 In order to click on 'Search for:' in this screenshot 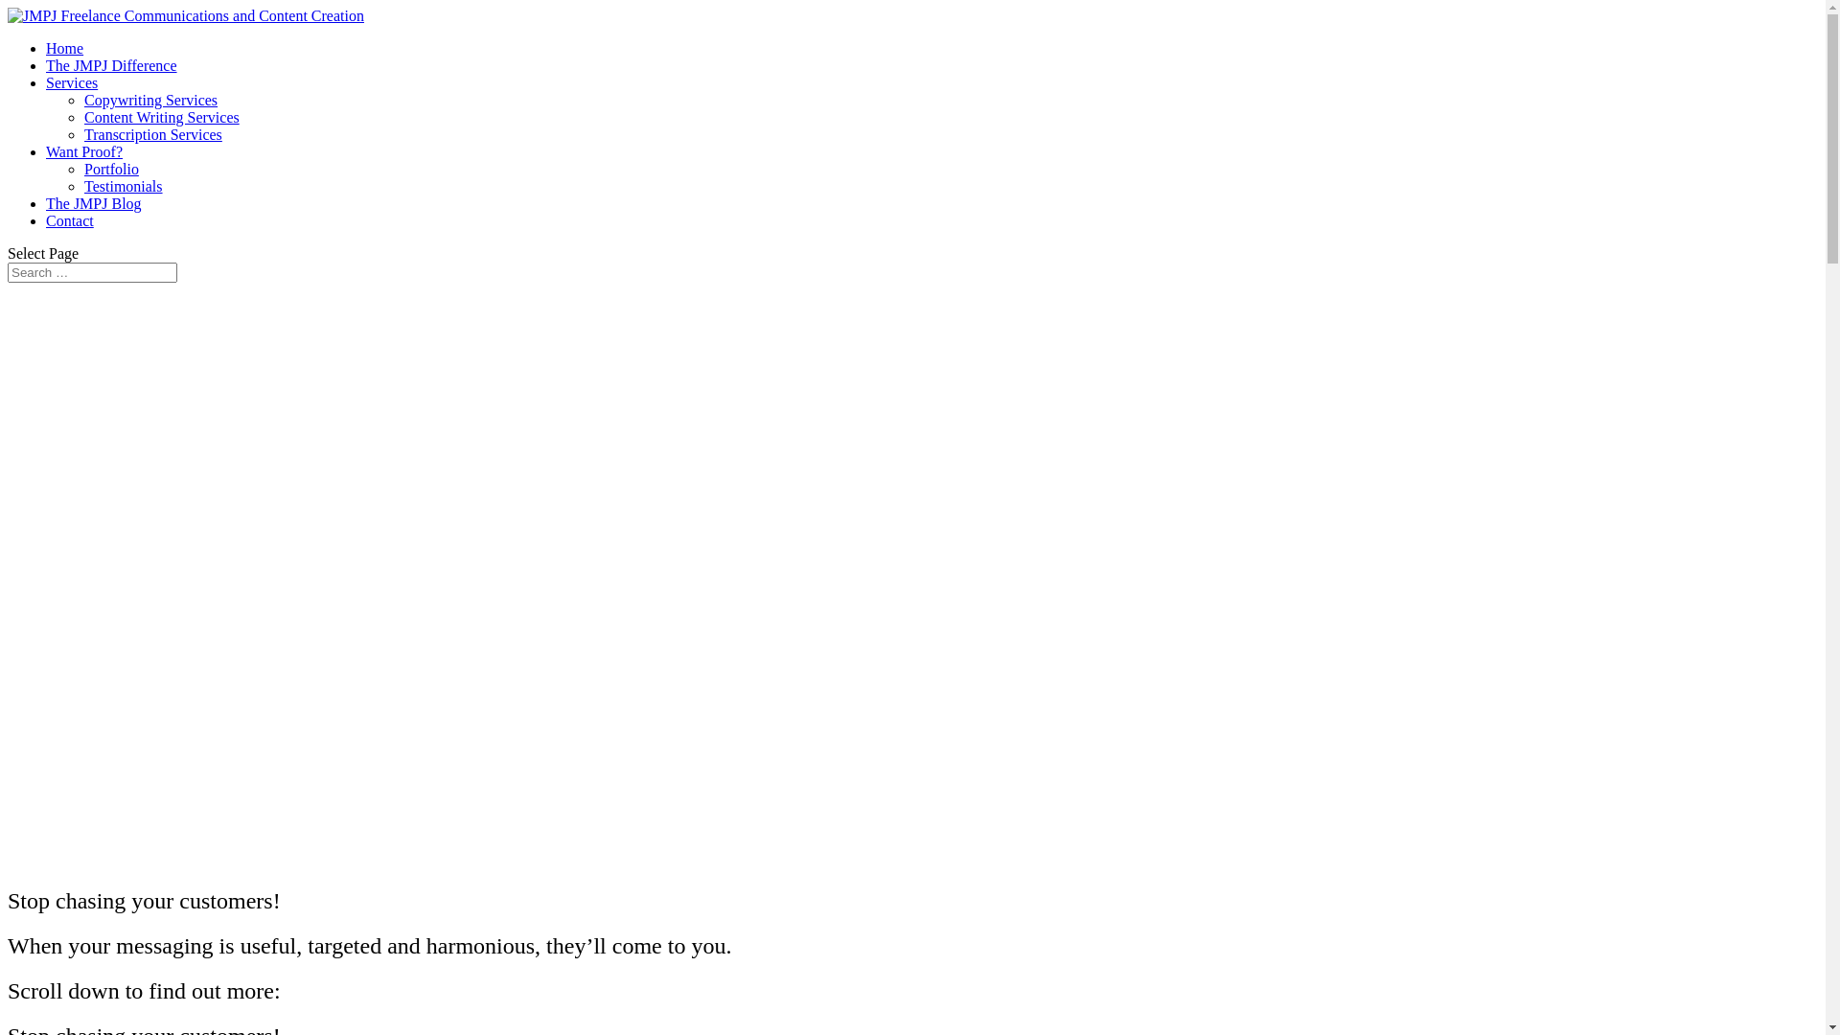, I will do `click(8, 272)`.